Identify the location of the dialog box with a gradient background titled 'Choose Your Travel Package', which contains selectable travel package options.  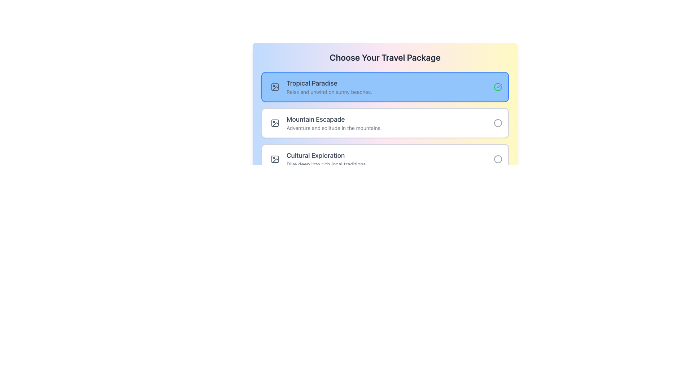
(384, 121).